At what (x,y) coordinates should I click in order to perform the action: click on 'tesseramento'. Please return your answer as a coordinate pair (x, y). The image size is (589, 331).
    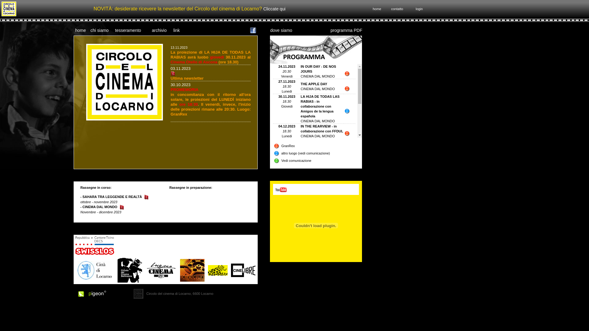
    Looking at the image, I should click on (128, 30).